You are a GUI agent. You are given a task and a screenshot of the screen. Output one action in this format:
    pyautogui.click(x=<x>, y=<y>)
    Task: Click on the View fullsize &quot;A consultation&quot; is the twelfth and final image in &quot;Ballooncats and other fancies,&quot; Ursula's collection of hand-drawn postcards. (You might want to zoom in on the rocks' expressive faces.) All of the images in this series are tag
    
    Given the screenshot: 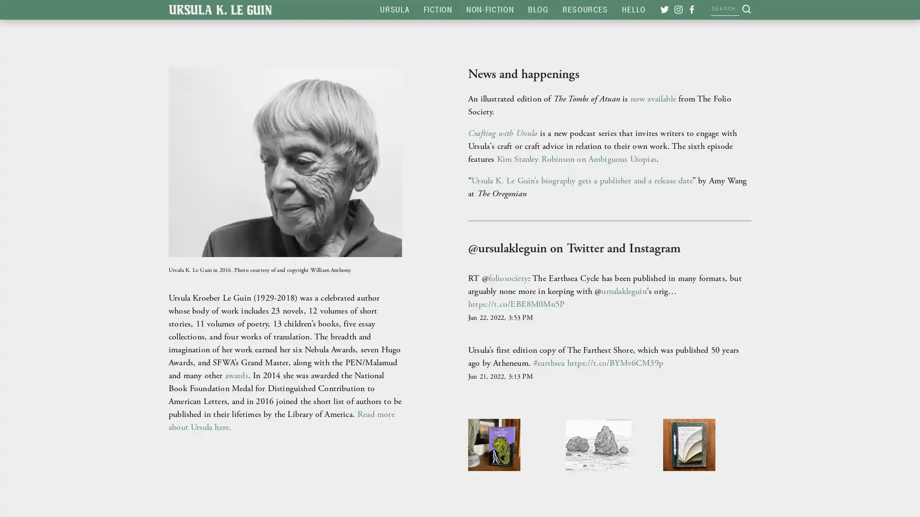 What is the action you would take?
    pyautogui.click(x=609, y=461)
    